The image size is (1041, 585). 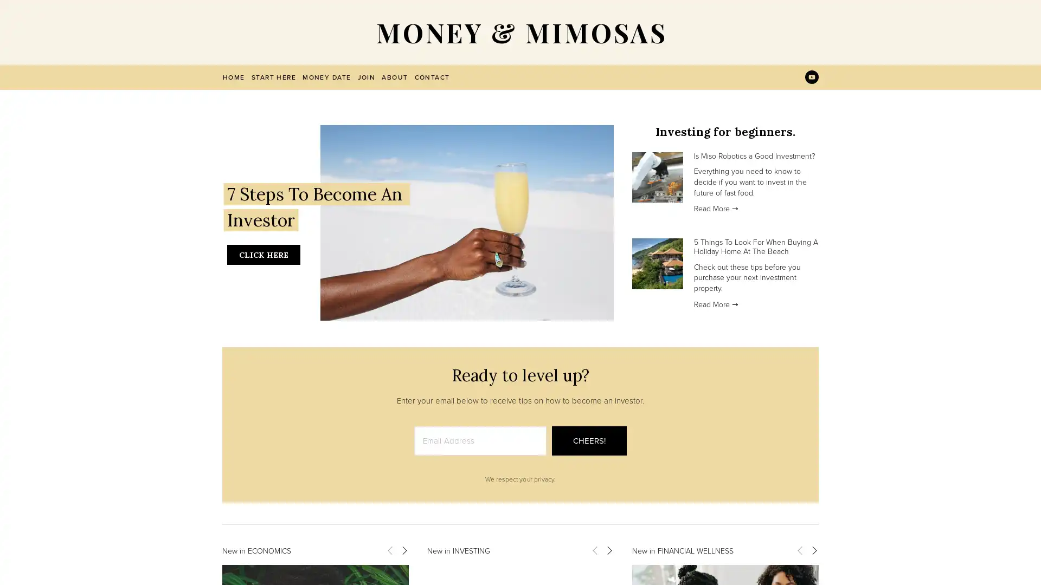 I want to click on Close, so click(x=711, y=159).